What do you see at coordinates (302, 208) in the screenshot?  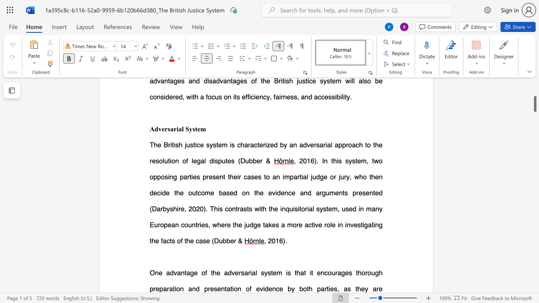 I see `the space between the continuous character "t" and "o" in the text` at bounding box center [302, 208].